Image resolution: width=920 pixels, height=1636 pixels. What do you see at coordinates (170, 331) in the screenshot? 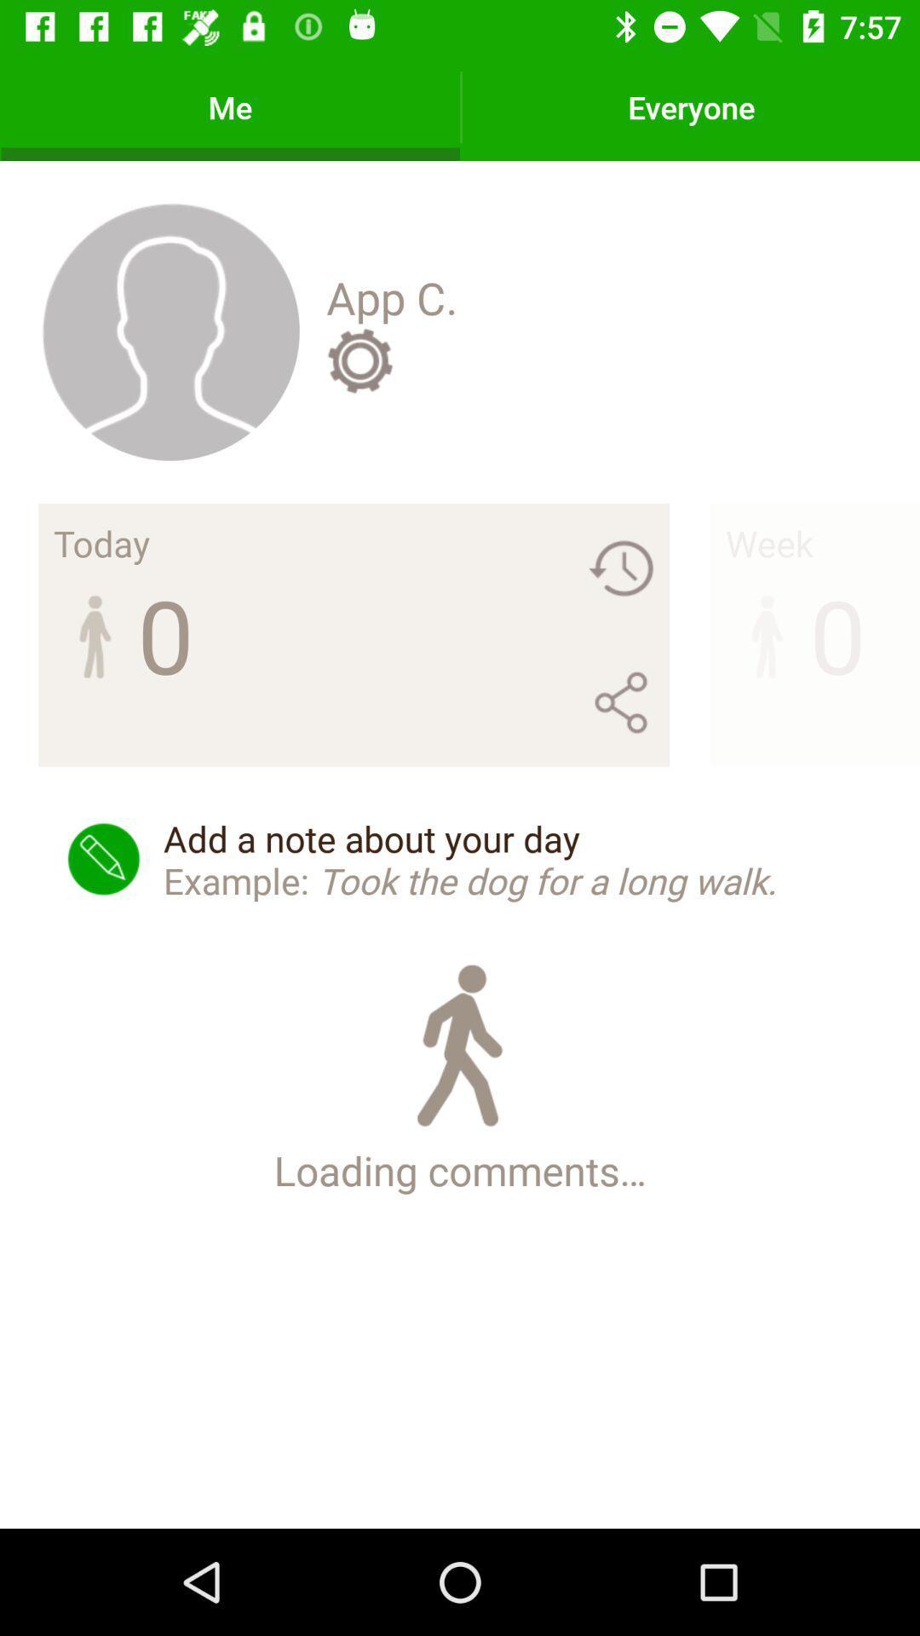
I see `the profile icon at top of the page` at bounding box center [170, 331].